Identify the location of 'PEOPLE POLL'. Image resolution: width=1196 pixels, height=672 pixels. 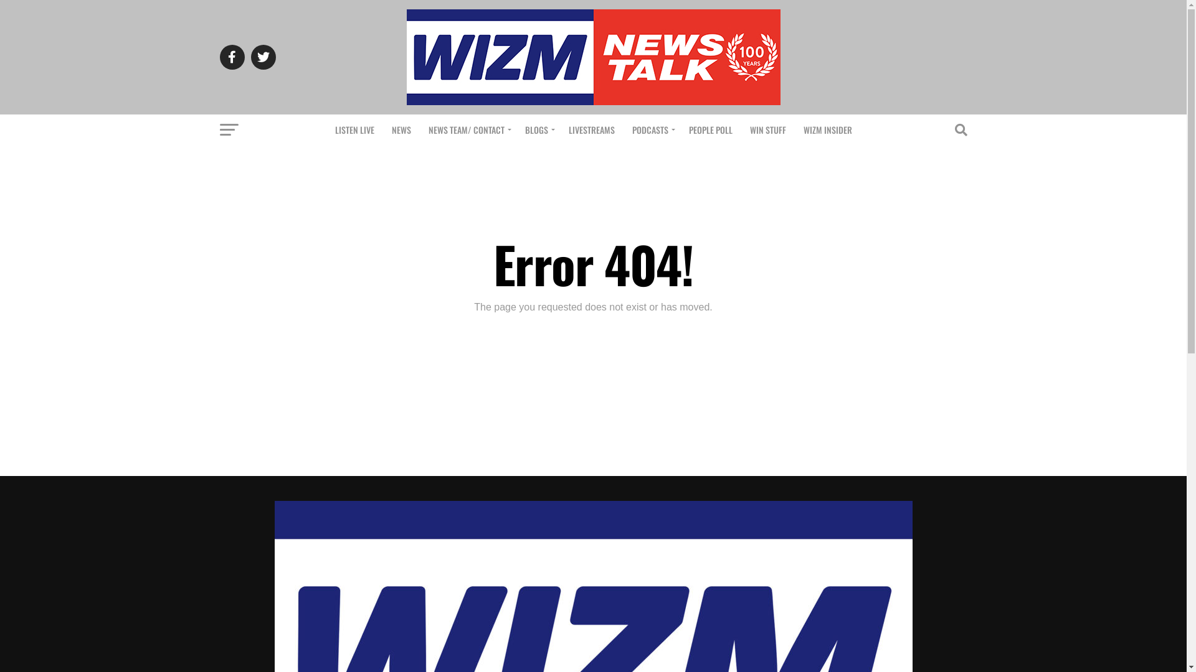
(681, 129).